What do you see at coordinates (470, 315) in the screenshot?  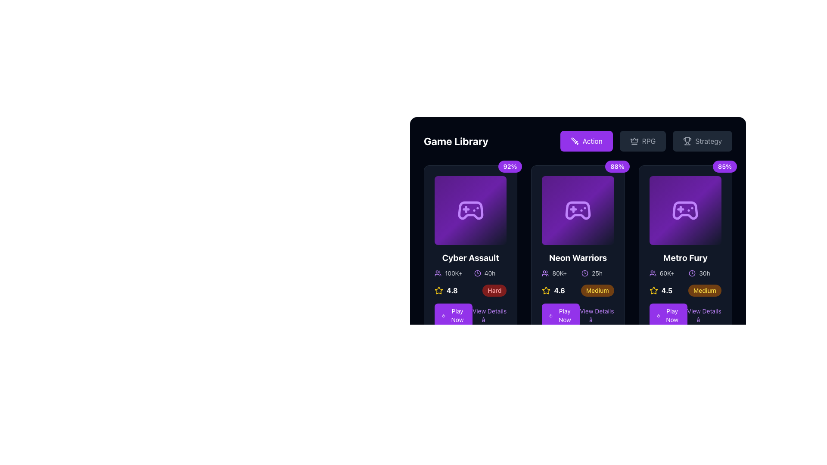 I see `the 'View Details →' hyperlink located at the bottom right of the 'Cyber Assault' card in the 'Game Library' section` at bounding box center [470, 315].